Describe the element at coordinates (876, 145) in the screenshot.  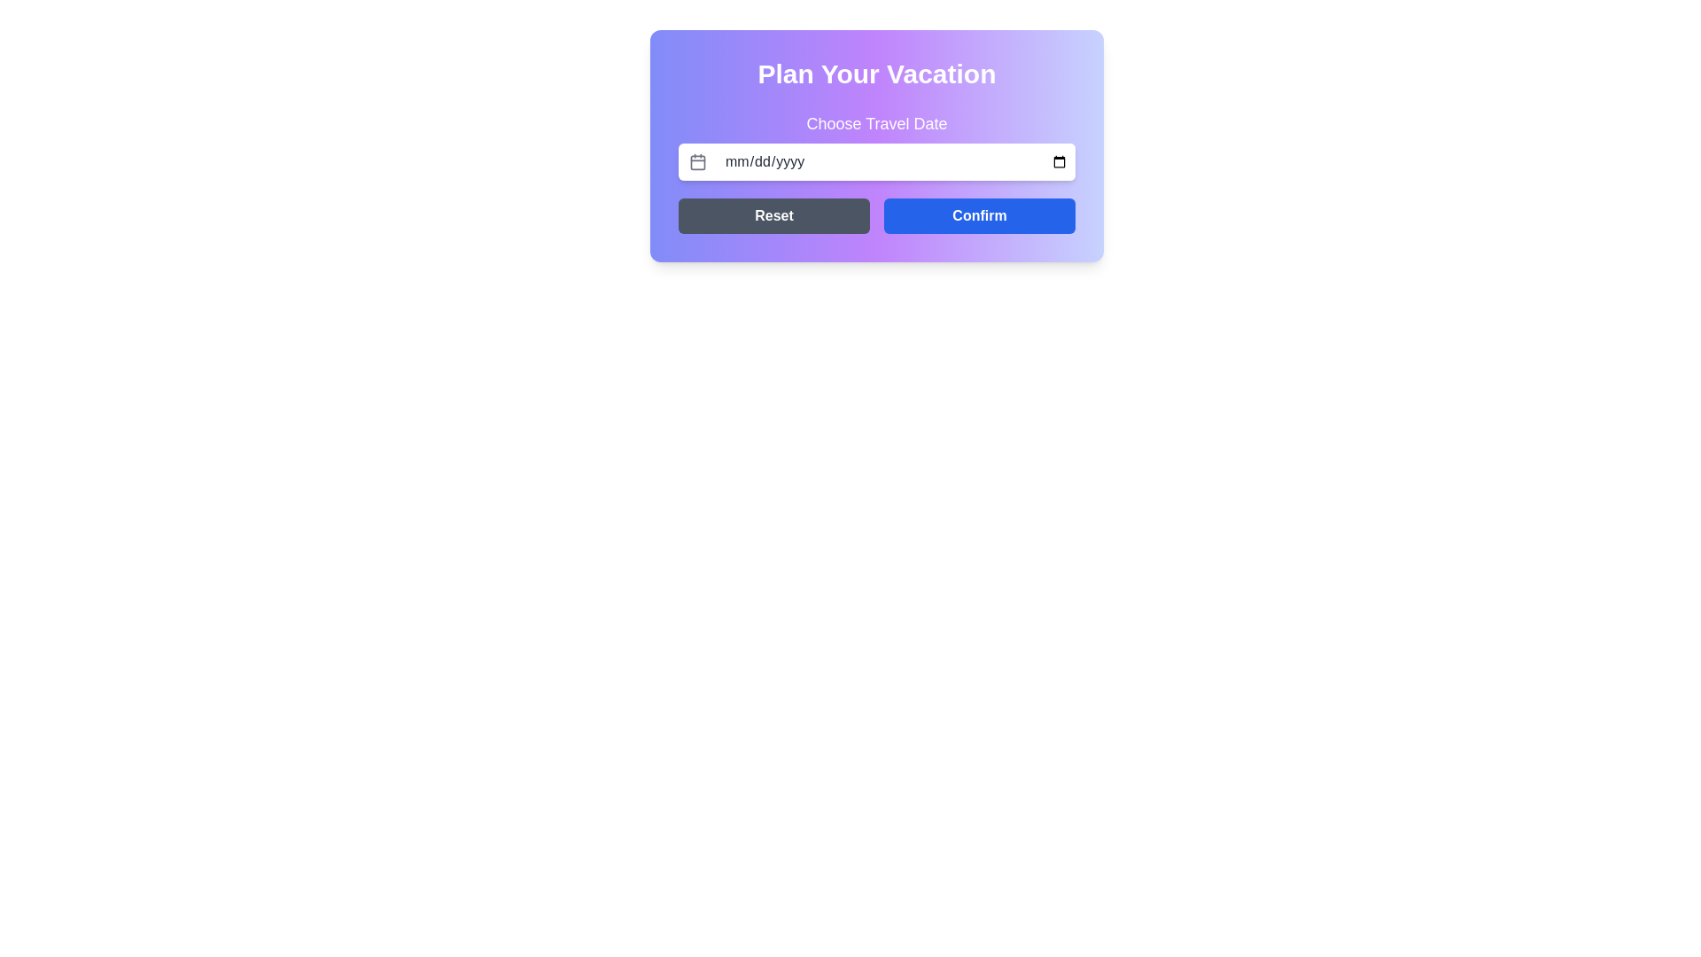
I see `a date using the calendar icon of the Date Picker Input titled 'Choose Travel Date', which is visually represented with a placeholder 'mm/dd/yyyy'` at that location.